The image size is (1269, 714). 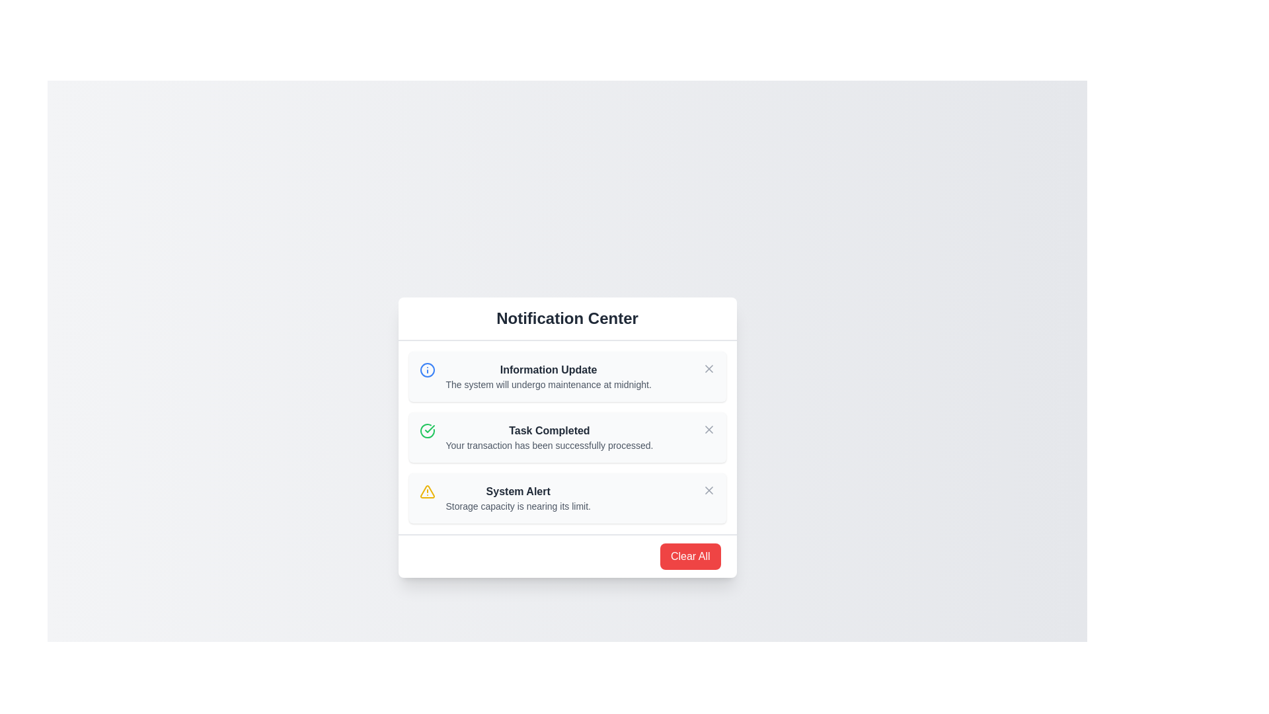 What do you see at coordinates (427, 492) in the screenshot?
I see `the warning icon located to the left of the 'System Alert' text in the Notification Center, which signifies an alert state` at bounding box center [427, 492].